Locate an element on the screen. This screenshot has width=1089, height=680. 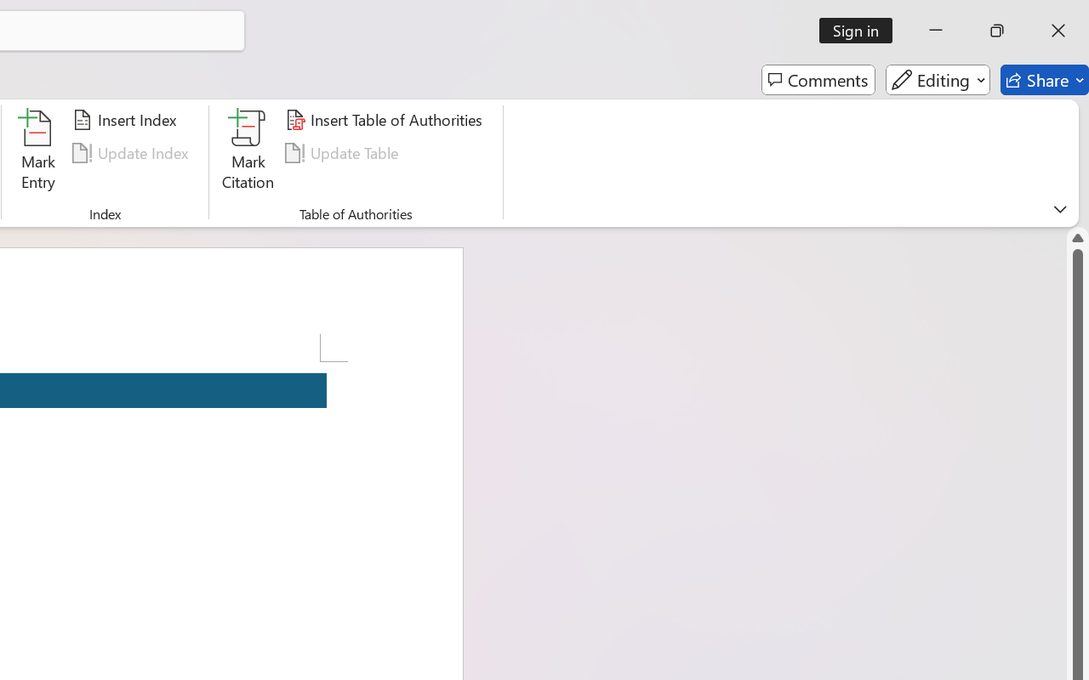
'Line up' is located at coordinates (1077, 238).